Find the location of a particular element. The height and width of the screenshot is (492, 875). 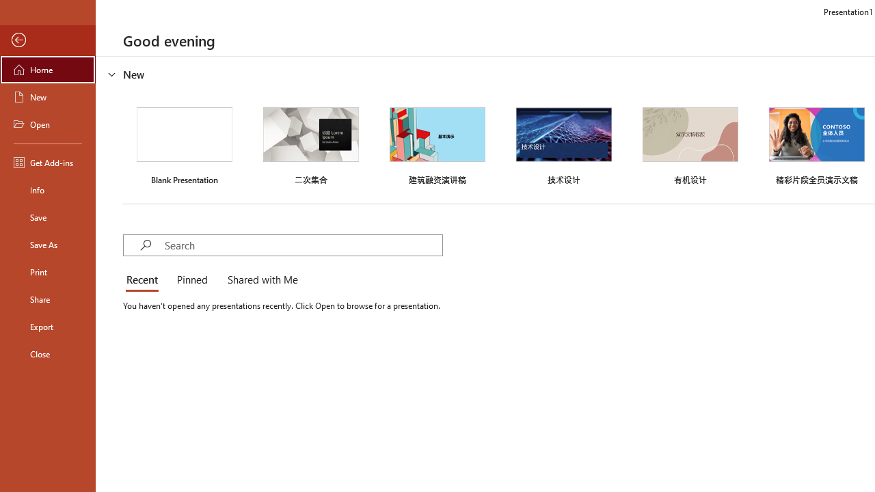

'Save As' is located at coordinates (47, 243).